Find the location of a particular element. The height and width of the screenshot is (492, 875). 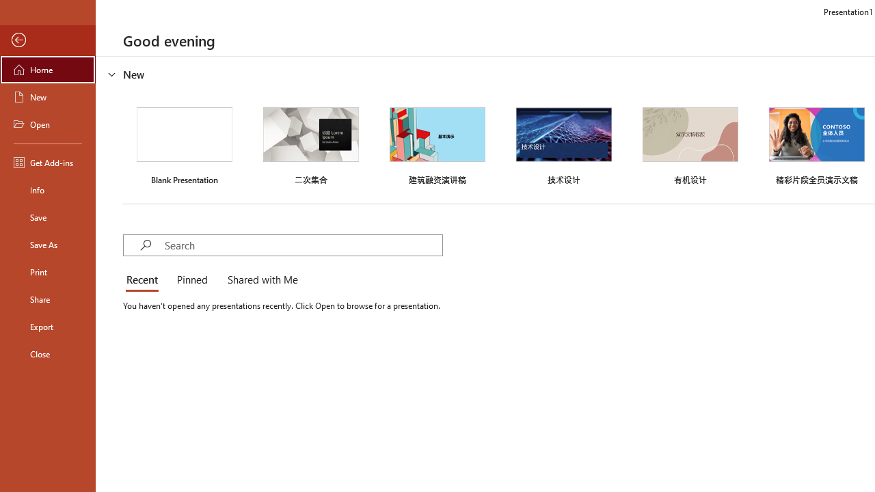

'Save As' is located at coordinates (47, 243).